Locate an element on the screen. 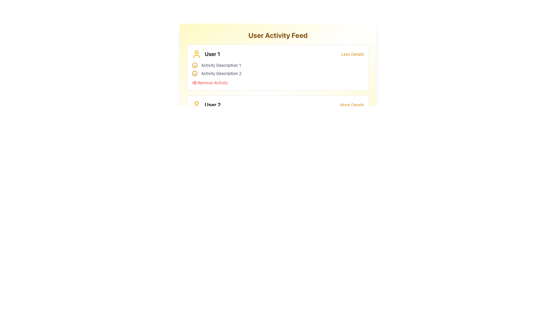 The image size is (560, 315). the Label with Icon that displays the user avatar styled in yellow and the text 'User 1', located in the top-left corner of the 'User Activity Feed' section, directly under the section header is located at coordinates (206, 54).